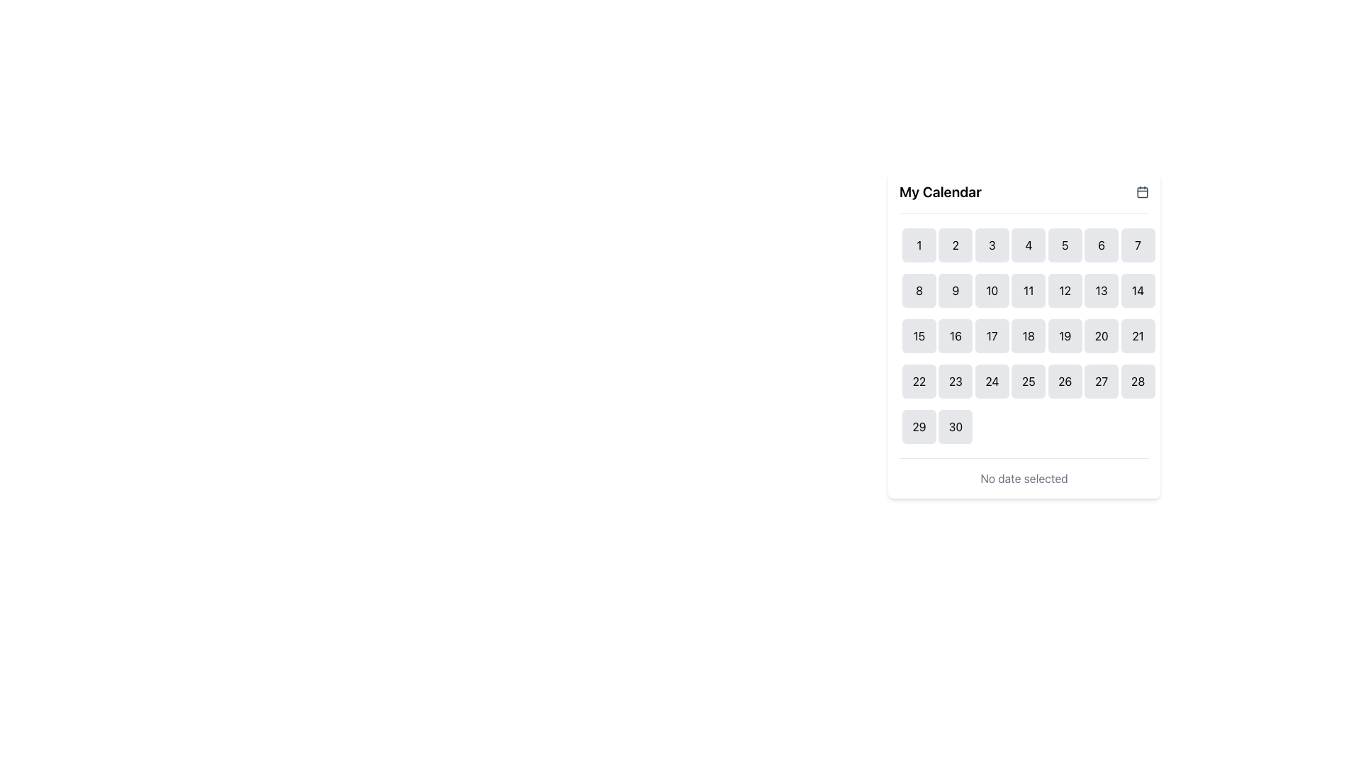 This screenshot has height=766, width=1361. I want to click on the square calendar cell with the black number '16', so click(956, 336).